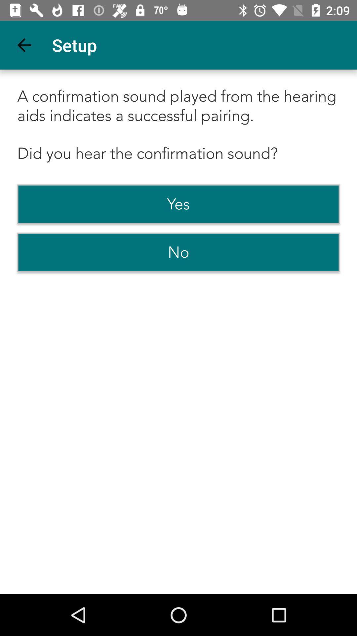 This screenshot has height=636, width=357. Describe the element at coordinates (178, 252) in the screenshot. I see `the no` at that location.